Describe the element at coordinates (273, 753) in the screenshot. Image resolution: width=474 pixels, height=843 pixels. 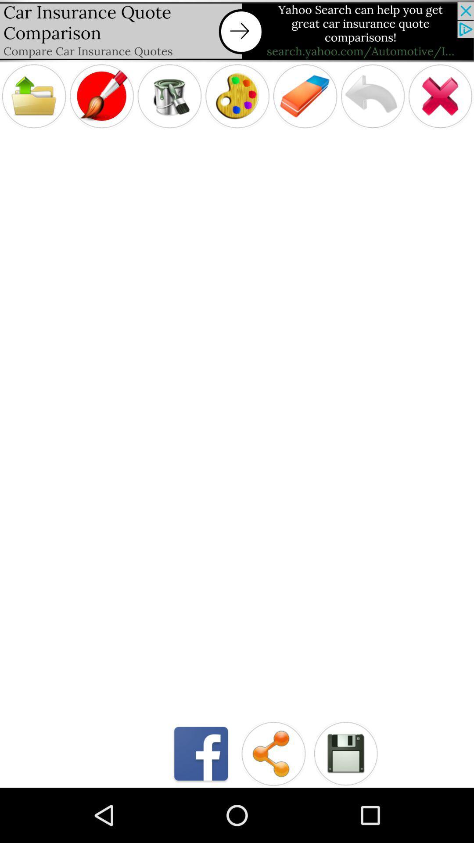
I see `share the article` at that location.